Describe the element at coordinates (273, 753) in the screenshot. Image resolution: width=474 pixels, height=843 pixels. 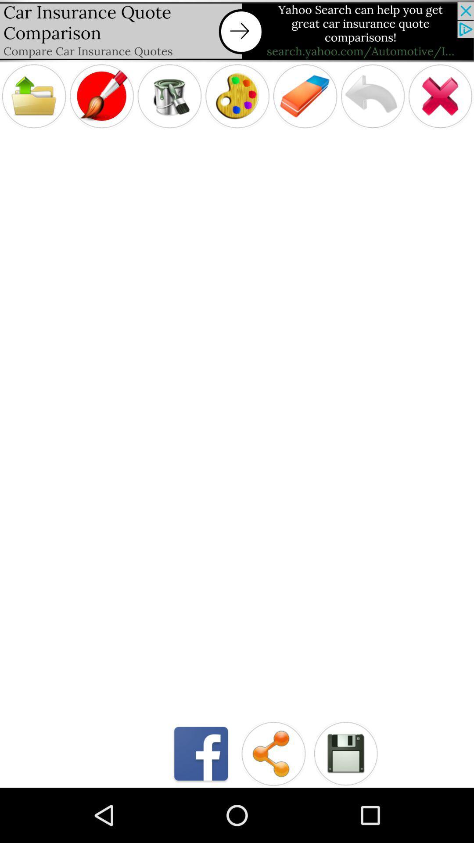
I see `share the article` at that location.